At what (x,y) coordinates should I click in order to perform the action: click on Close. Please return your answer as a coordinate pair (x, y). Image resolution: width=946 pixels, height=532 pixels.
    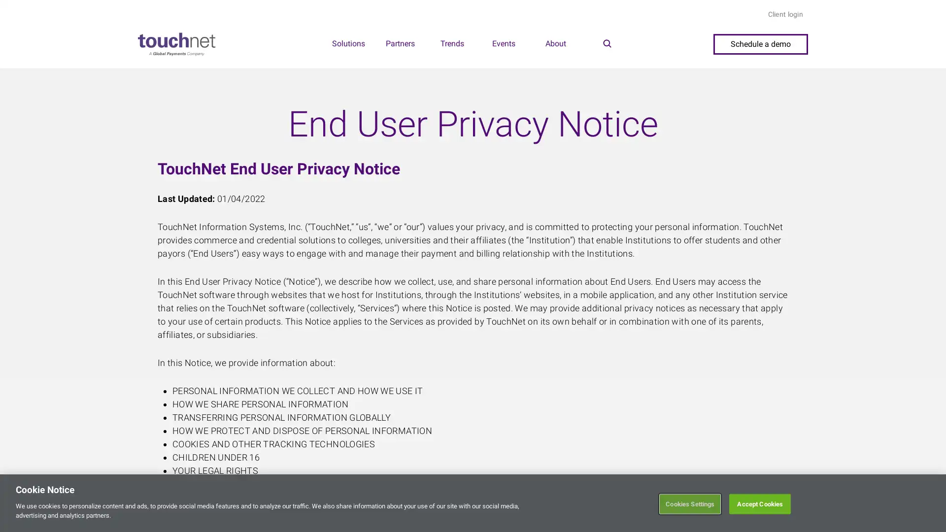
    Looking at the image, I should click on (929, 501).